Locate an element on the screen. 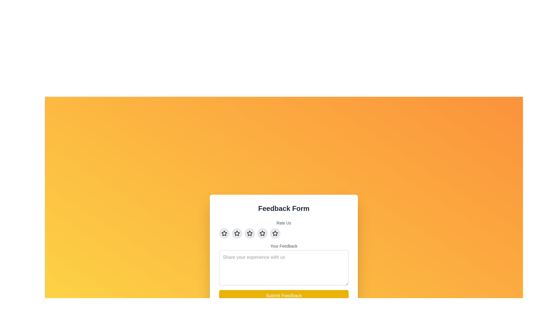  the descriptive heading text label for the star rating system, located at the top center of the feedback form, which guides the user to provide a rating is located at coordinates (284, 222).